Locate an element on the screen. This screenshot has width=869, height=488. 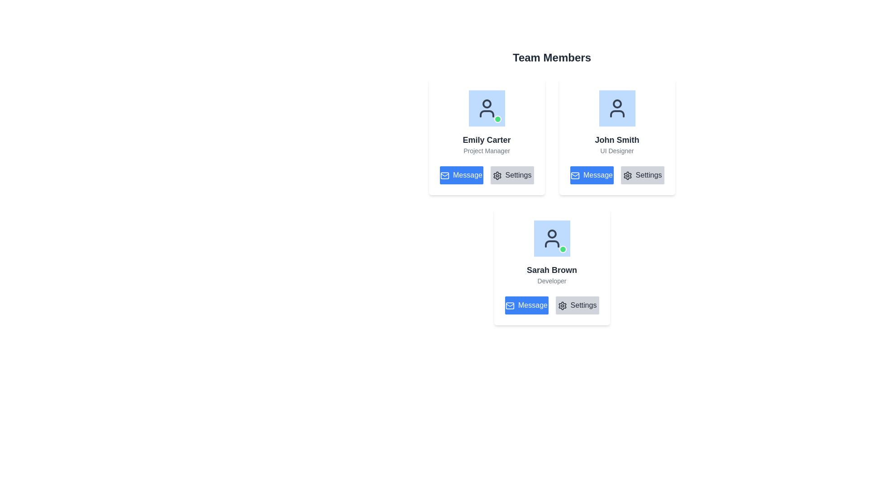
the icon associated with the email or messaging functionality located to the left of the 'Message' button in the card for 'Sarah Brown, Developer' is located at coordinates (510, 305).